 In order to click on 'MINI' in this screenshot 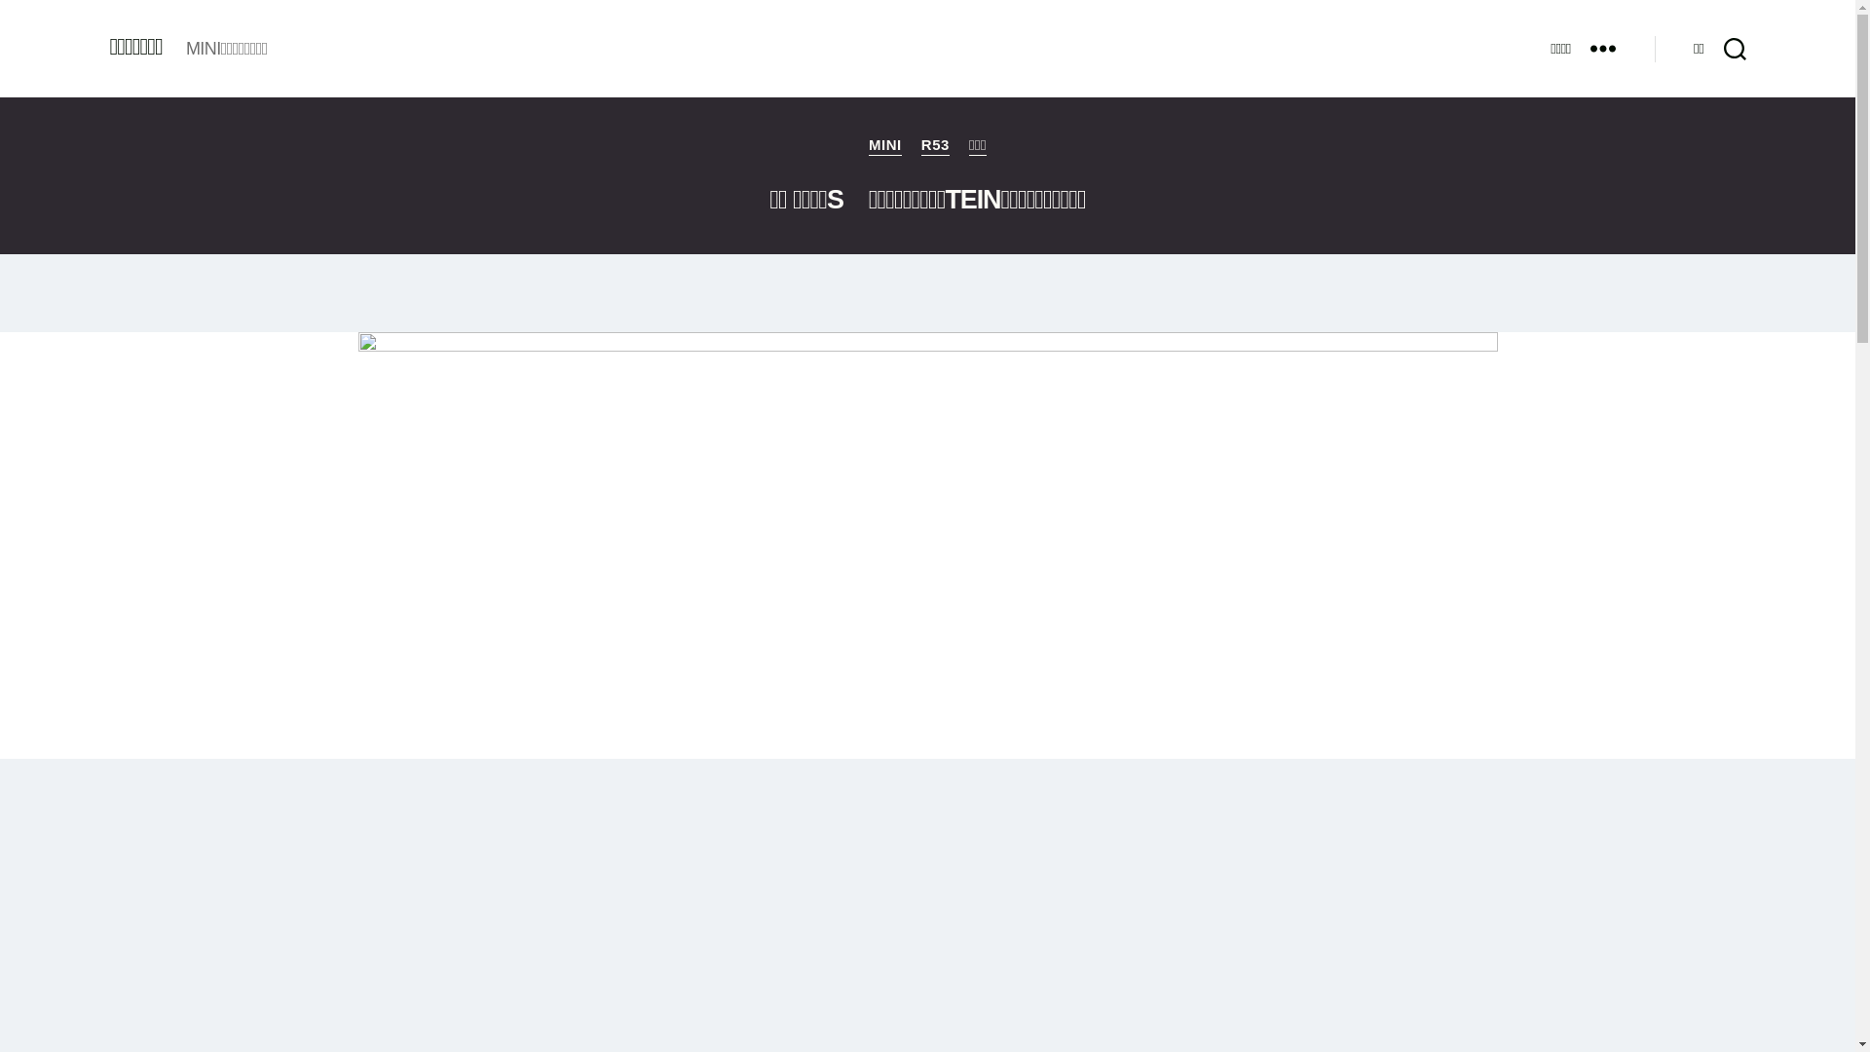, I will do `click(868, 145)`.